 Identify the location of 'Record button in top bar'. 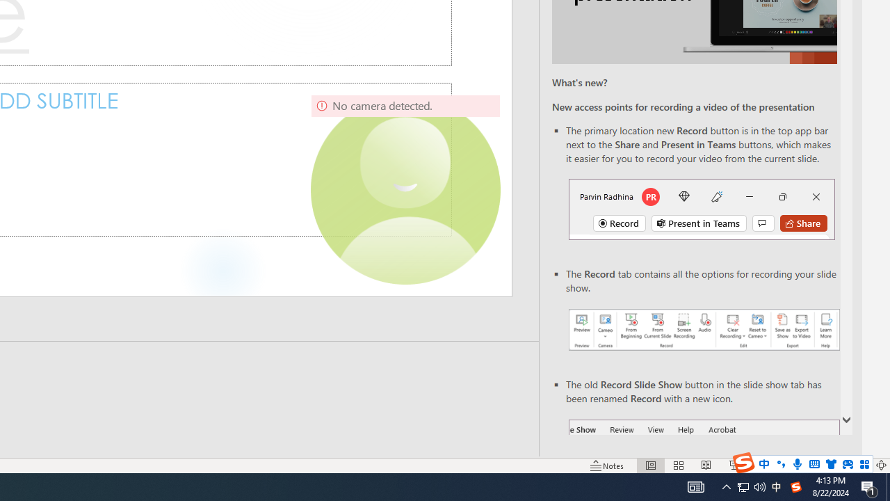
(702, 209).